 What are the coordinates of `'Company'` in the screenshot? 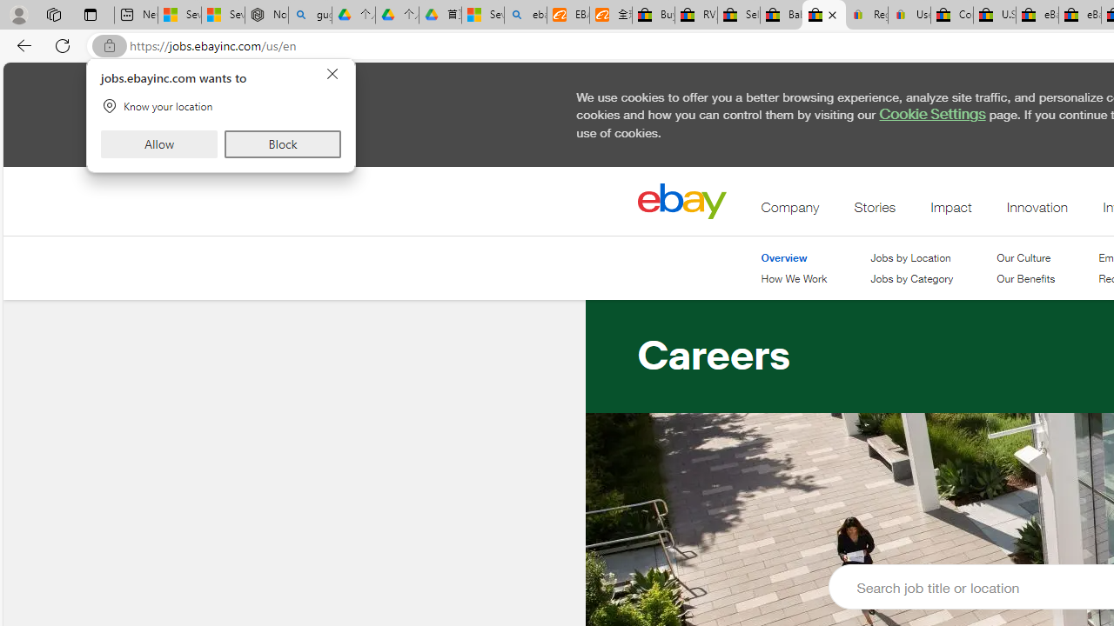 It's located at (789, 210).